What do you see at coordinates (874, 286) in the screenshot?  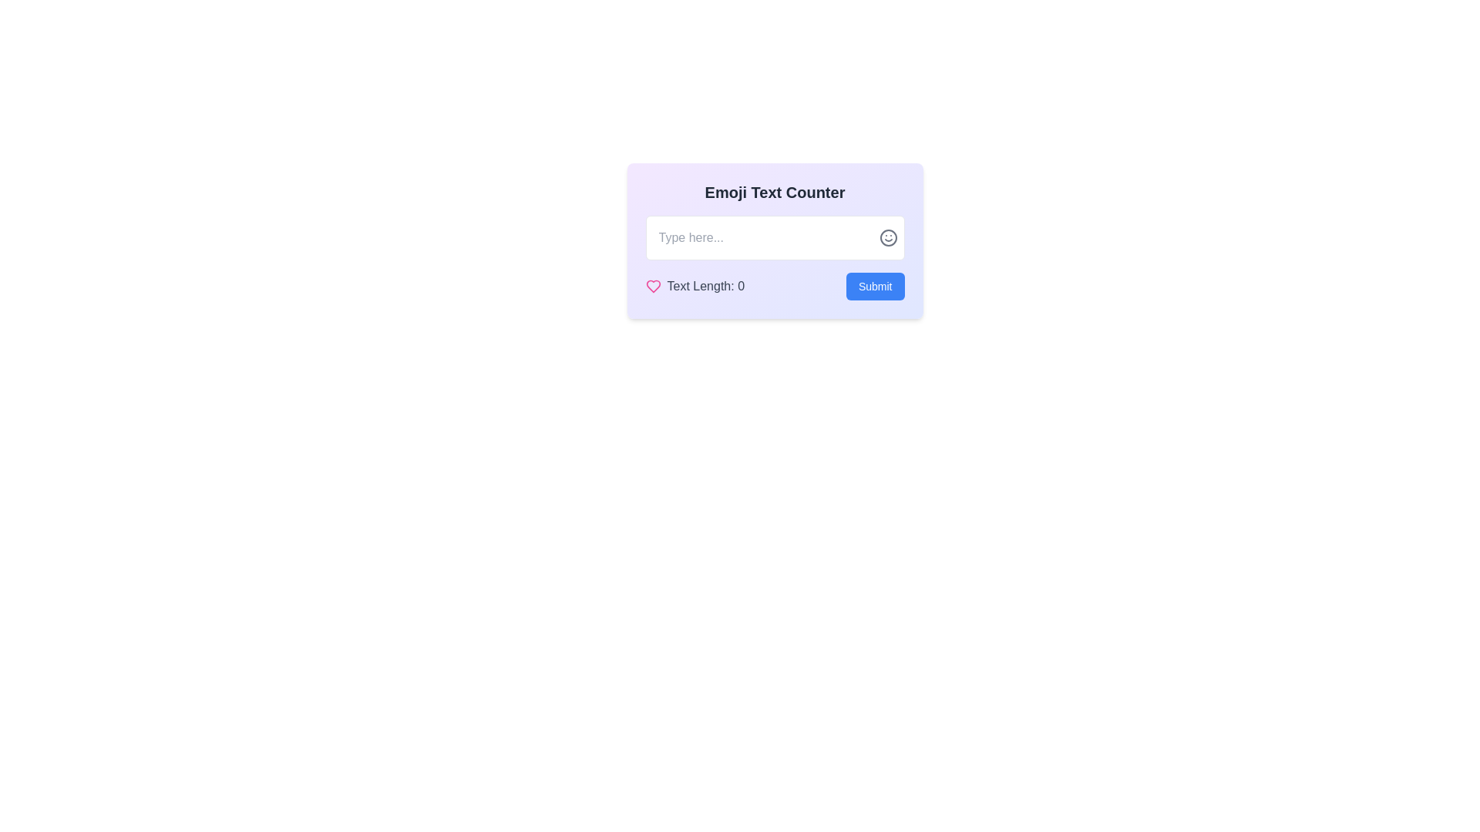 I see `the 'Submit' button, which is a rectangular button with white text on a blue background, located at the rightmost end of a horizontal grouping following the 'Text Length: 0' label` at bounding box center [874, 286].